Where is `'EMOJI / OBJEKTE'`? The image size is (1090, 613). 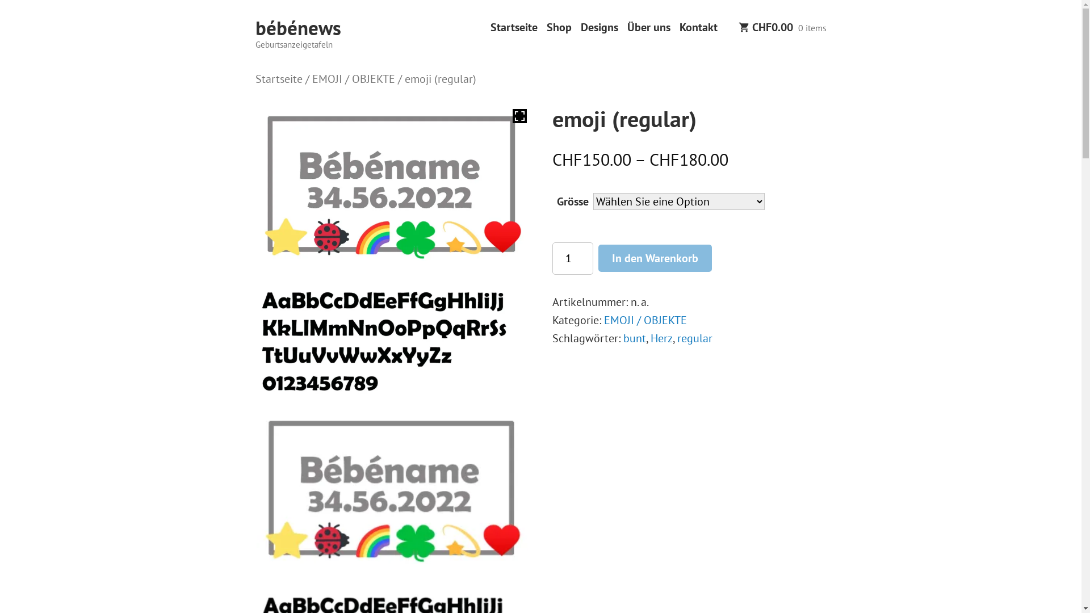
'EMOJI / OBJEKTE' is located at coordinates (353, 78).